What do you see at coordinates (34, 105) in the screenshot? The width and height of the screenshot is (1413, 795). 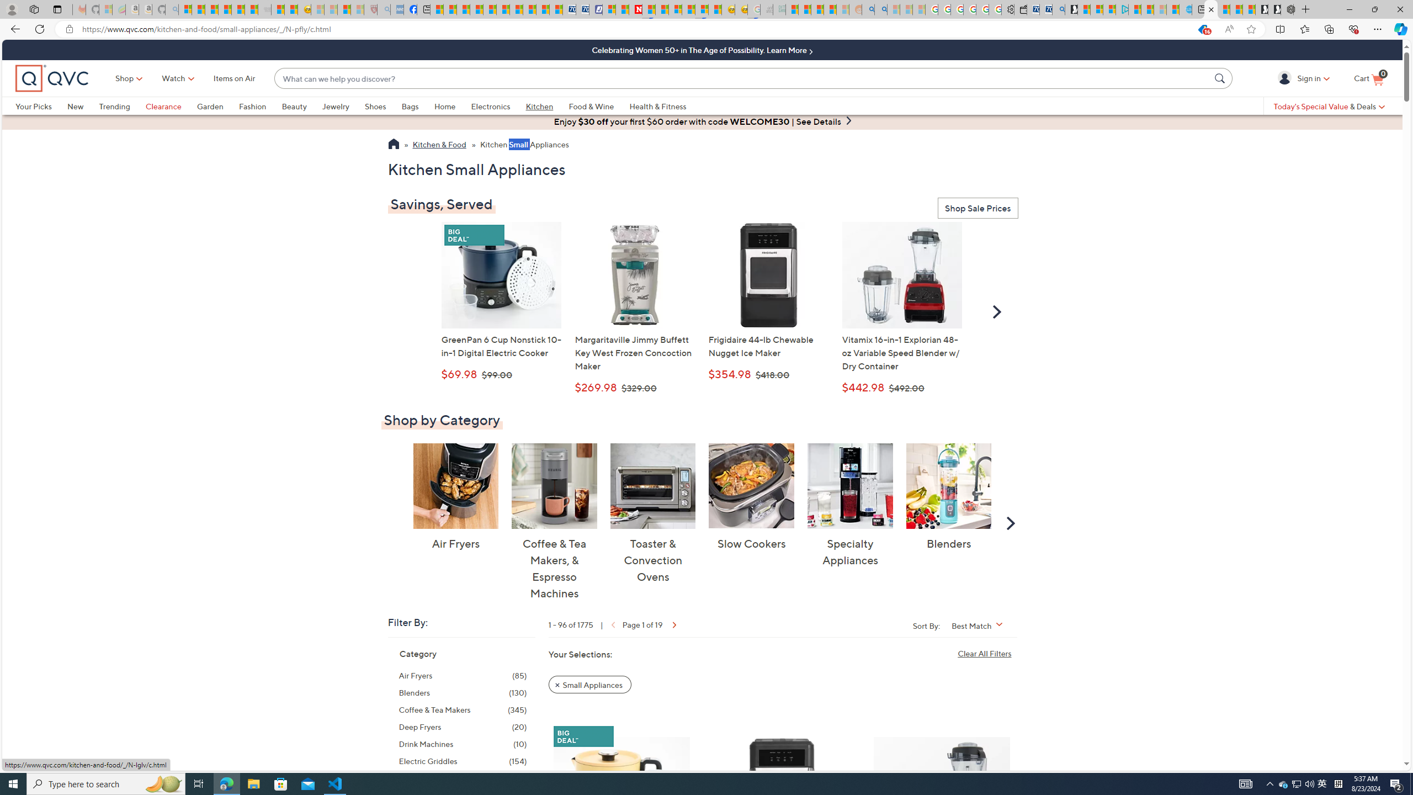 I see `'Your Picks'` at bounding box center [34, 105].